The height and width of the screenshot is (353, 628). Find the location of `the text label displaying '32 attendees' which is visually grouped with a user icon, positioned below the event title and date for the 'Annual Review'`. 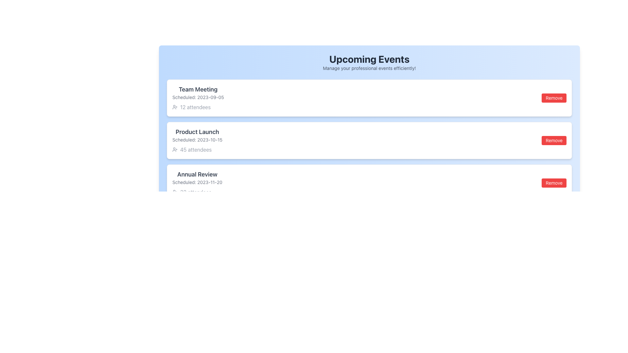

the text label displaying '32 attendees' which is visually grouped with a user icon, positioned below the event title and date for the 'Annual Review' is located at coordinates (195, 192).